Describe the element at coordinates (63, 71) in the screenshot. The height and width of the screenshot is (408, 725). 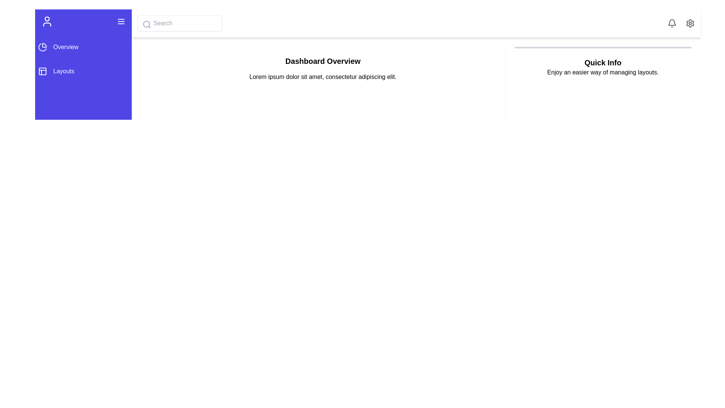
I see `the Text label for the navigation menu item located below the 'Overview' menu item, which serves as a non-interactive label for layouts` at that location.